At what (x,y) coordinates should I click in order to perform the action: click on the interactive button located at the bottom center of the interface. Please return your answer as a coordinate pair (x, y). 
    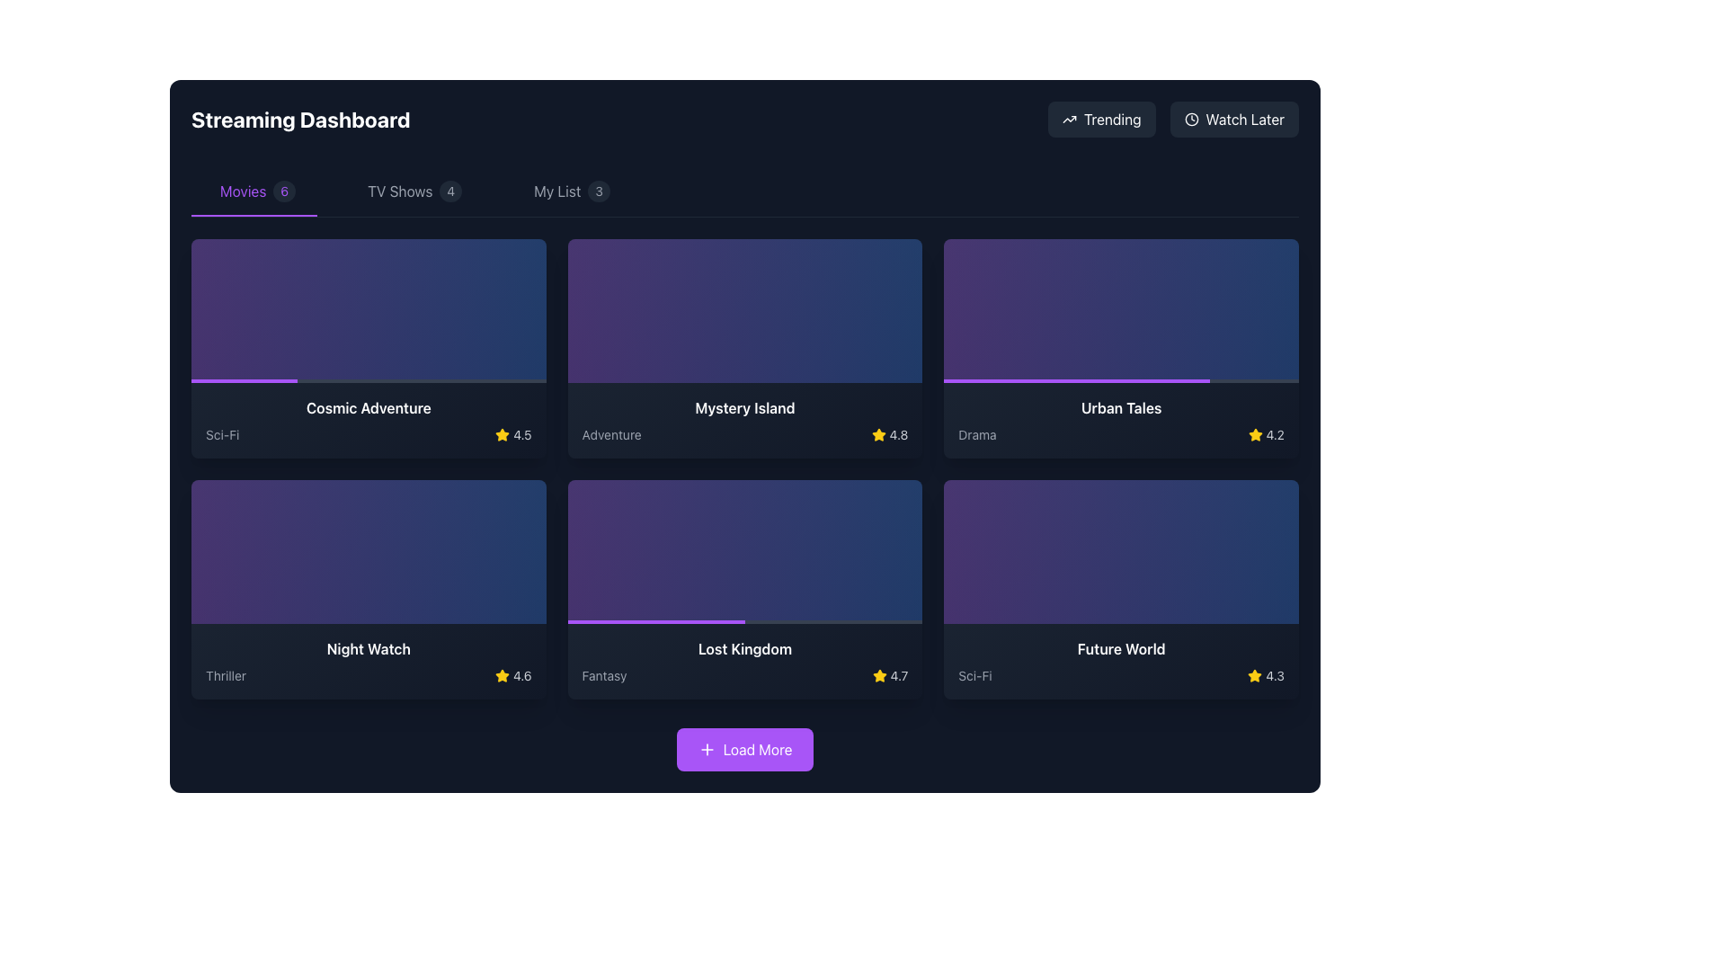
    Looking at the image, I should click on (745, 749).